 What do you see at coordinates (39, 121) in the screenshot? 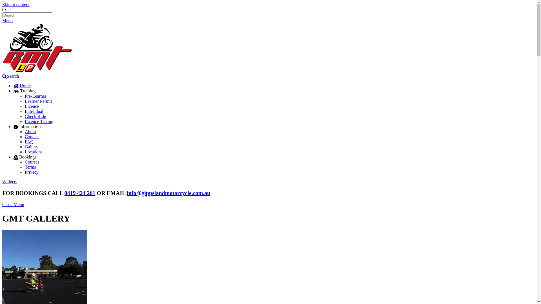
I see `'Licence Testing'` at bounding box center [39, 121].